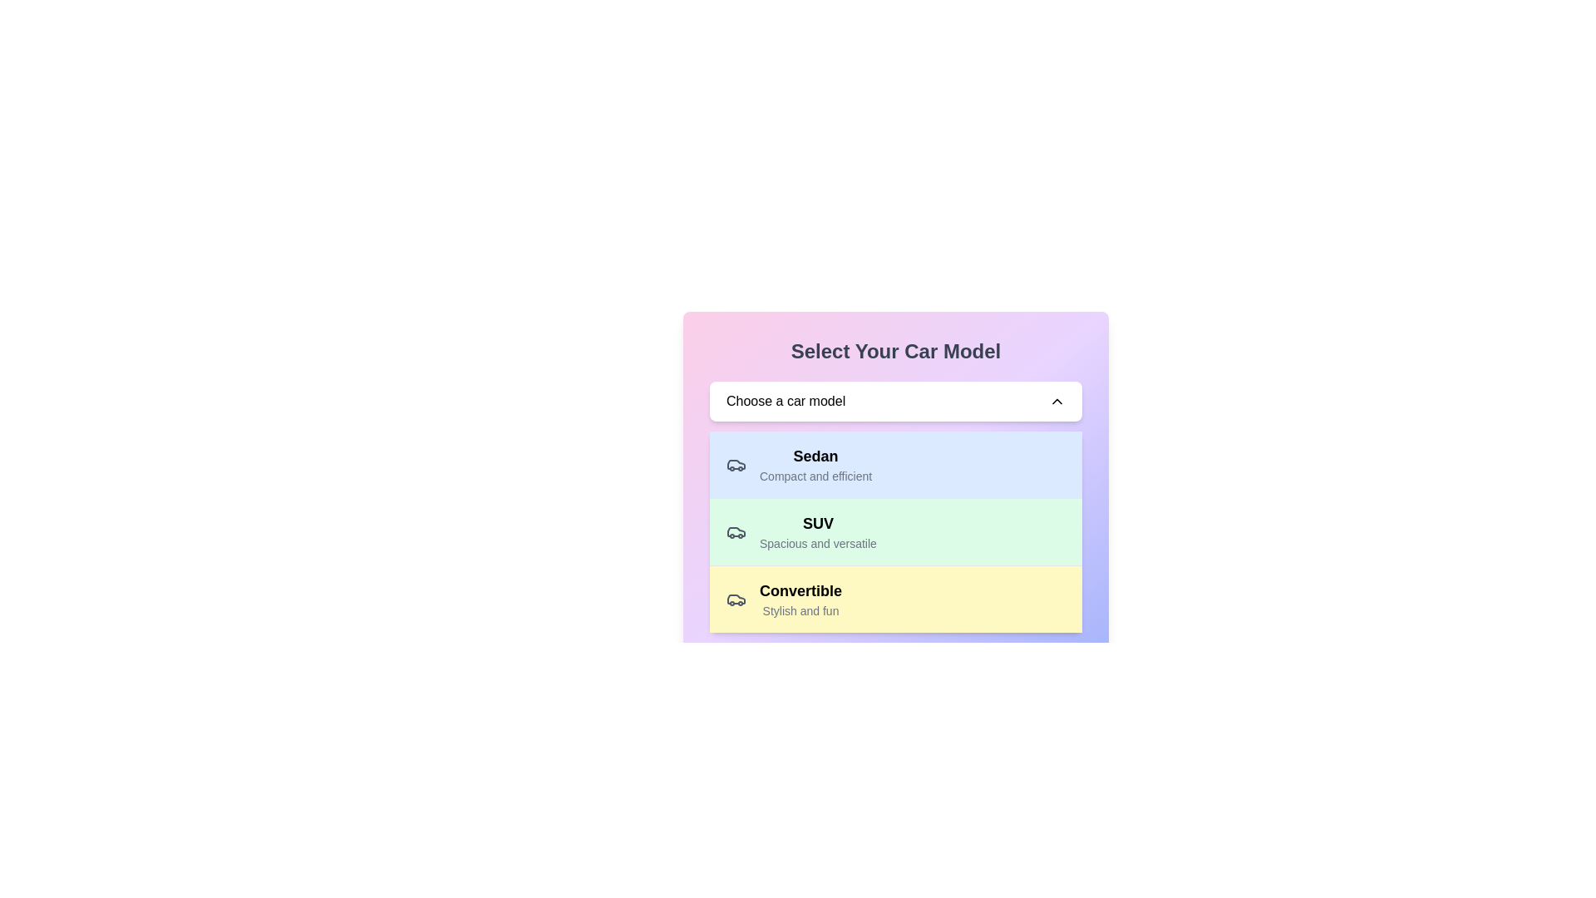  Describe the element at coordinates (815, 456) in the screenshot. I see `the Text Label that describes the car type selection, located above the text 'Compact and efficient' in the dropdown panel` at that location.